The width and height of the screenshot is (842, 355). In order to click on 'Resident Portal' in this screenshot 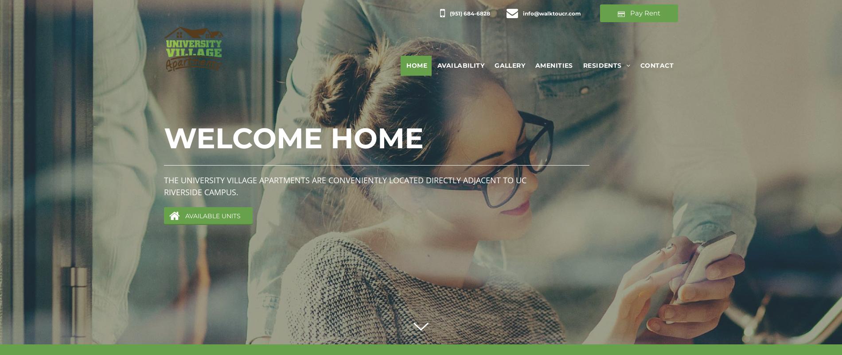, I will do `click(610, 79)`.